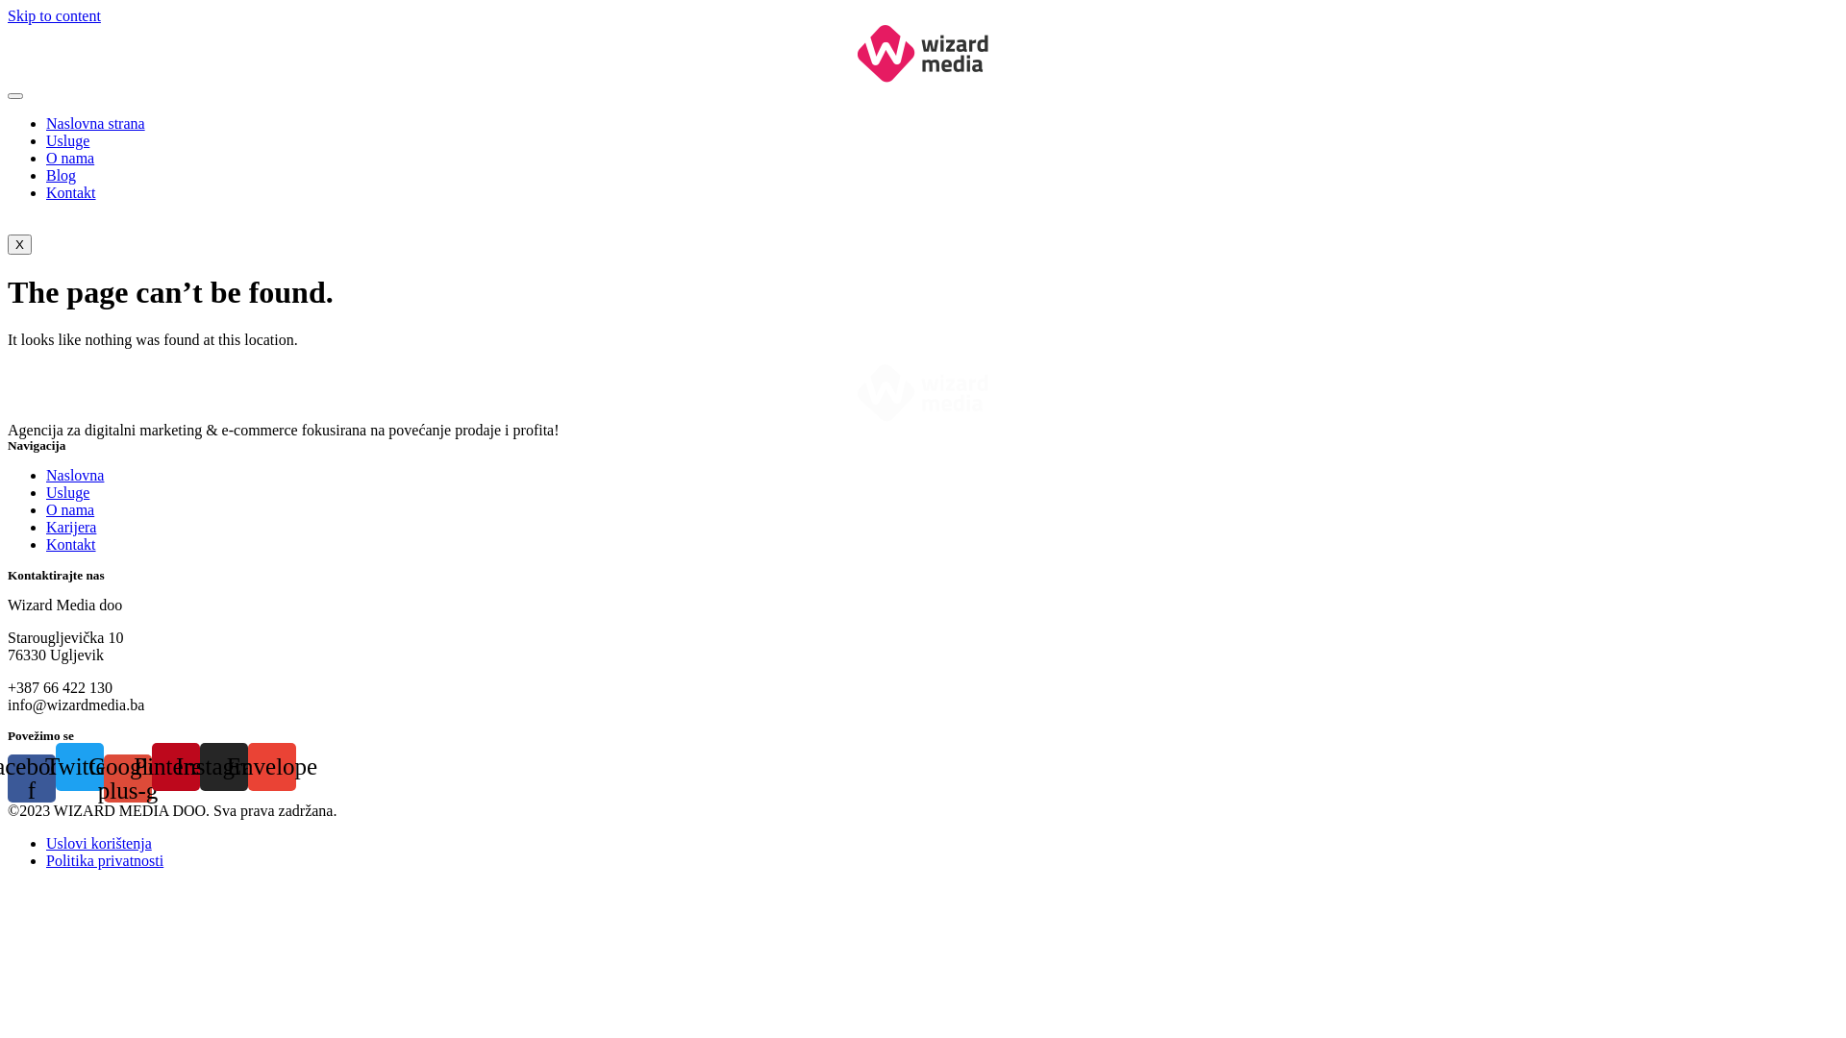 This screenshot has height=1038, width=1846. I want to click on 'Naslovna', so click(74, 475).